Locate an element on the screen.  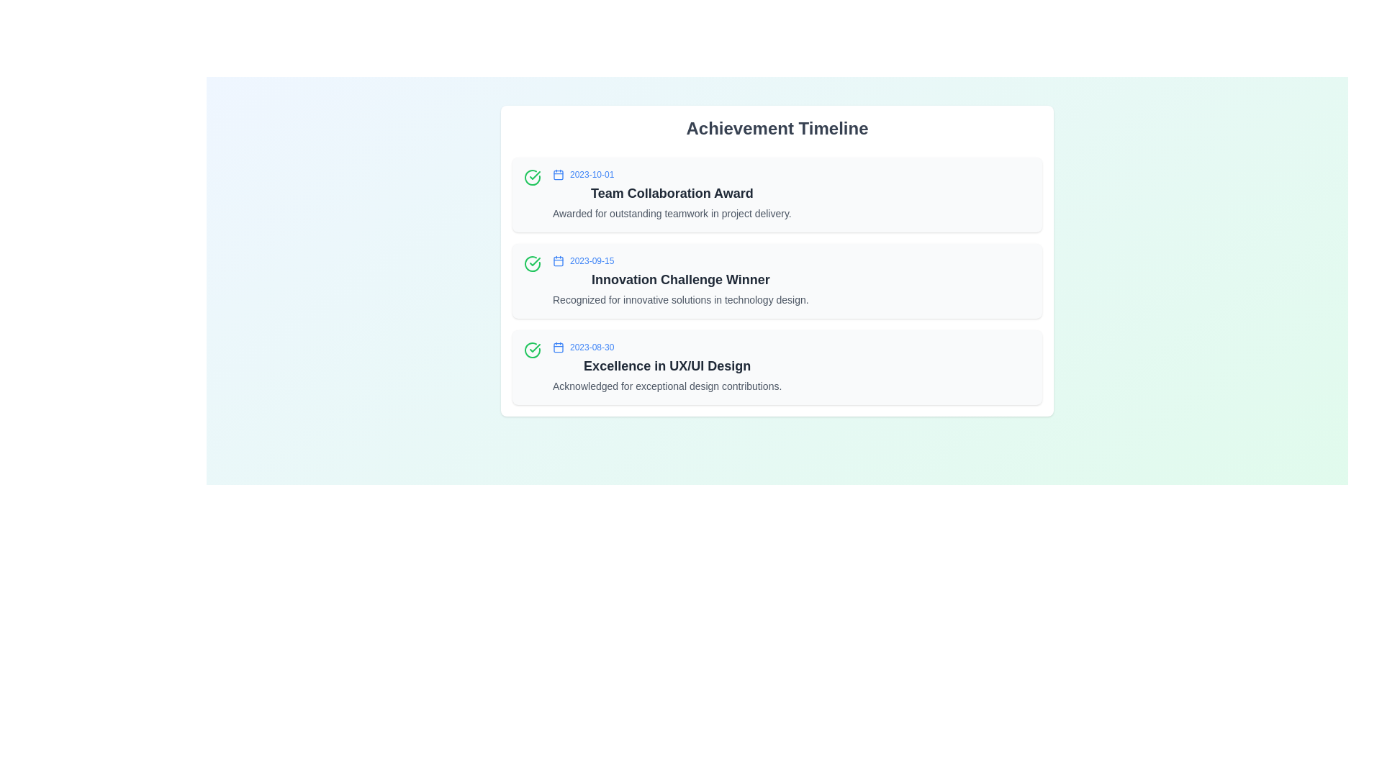
the Text Label or Section Header positioned at the top center of the box containing achievement records is located at coordinates (777, 127).